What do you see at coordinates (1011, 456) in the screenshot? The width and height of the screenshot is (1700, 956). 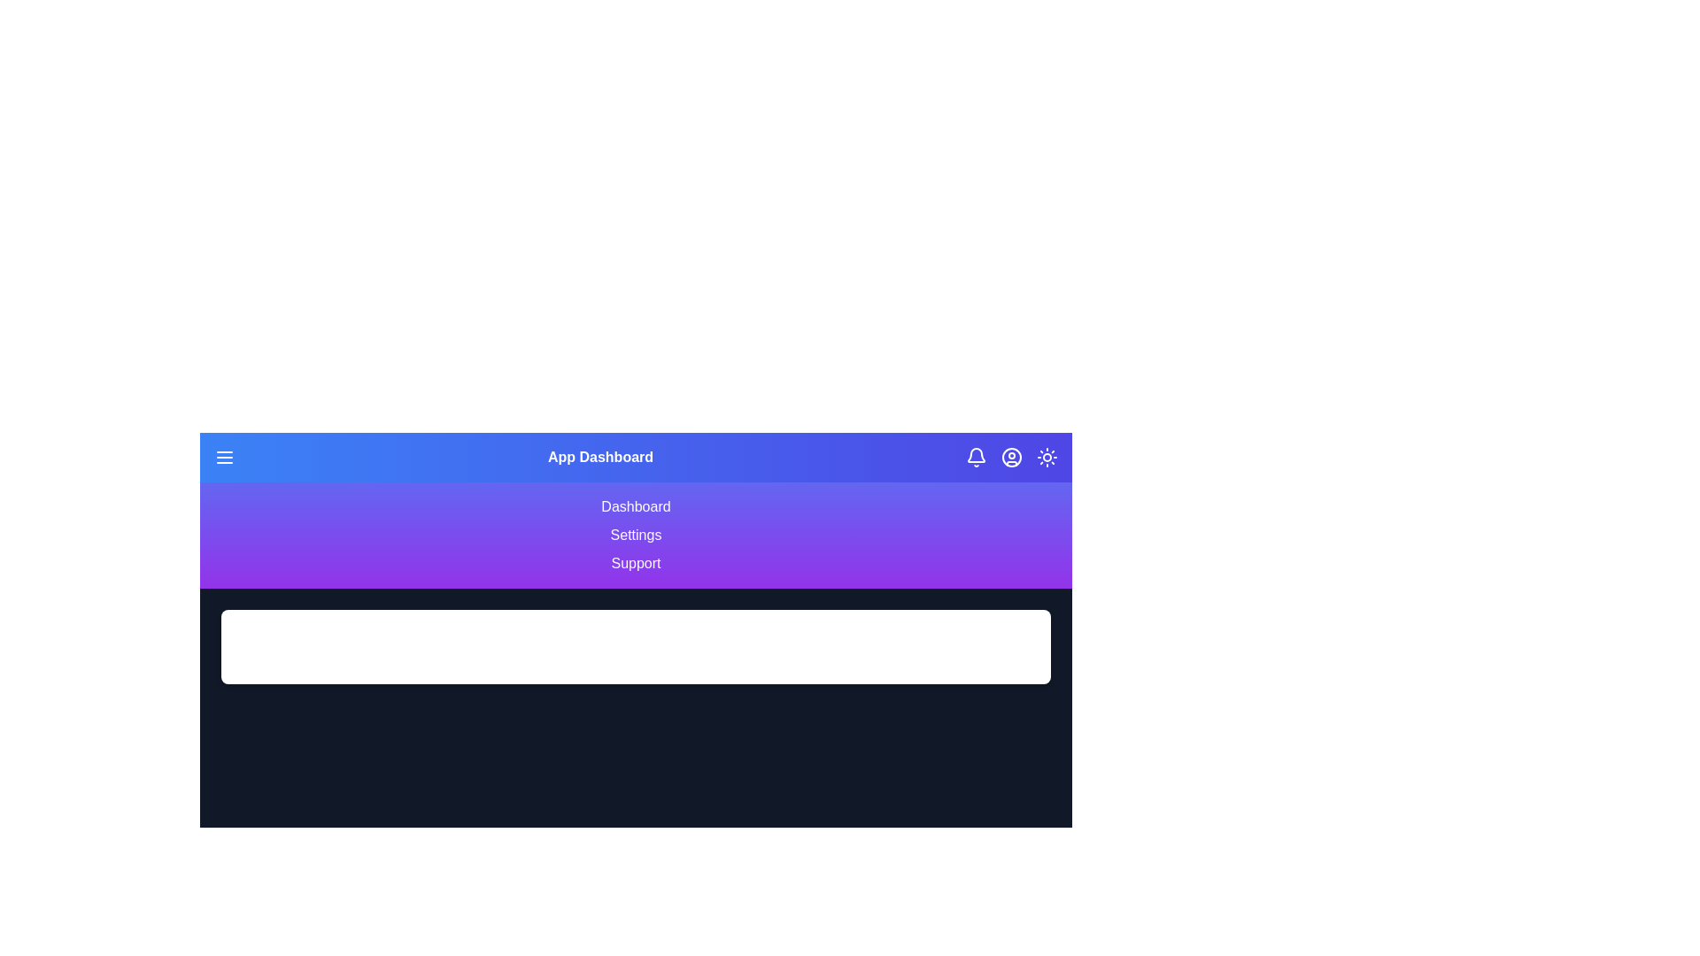 I see `the user icon in the app bar` at bounding box center [1011, 456].